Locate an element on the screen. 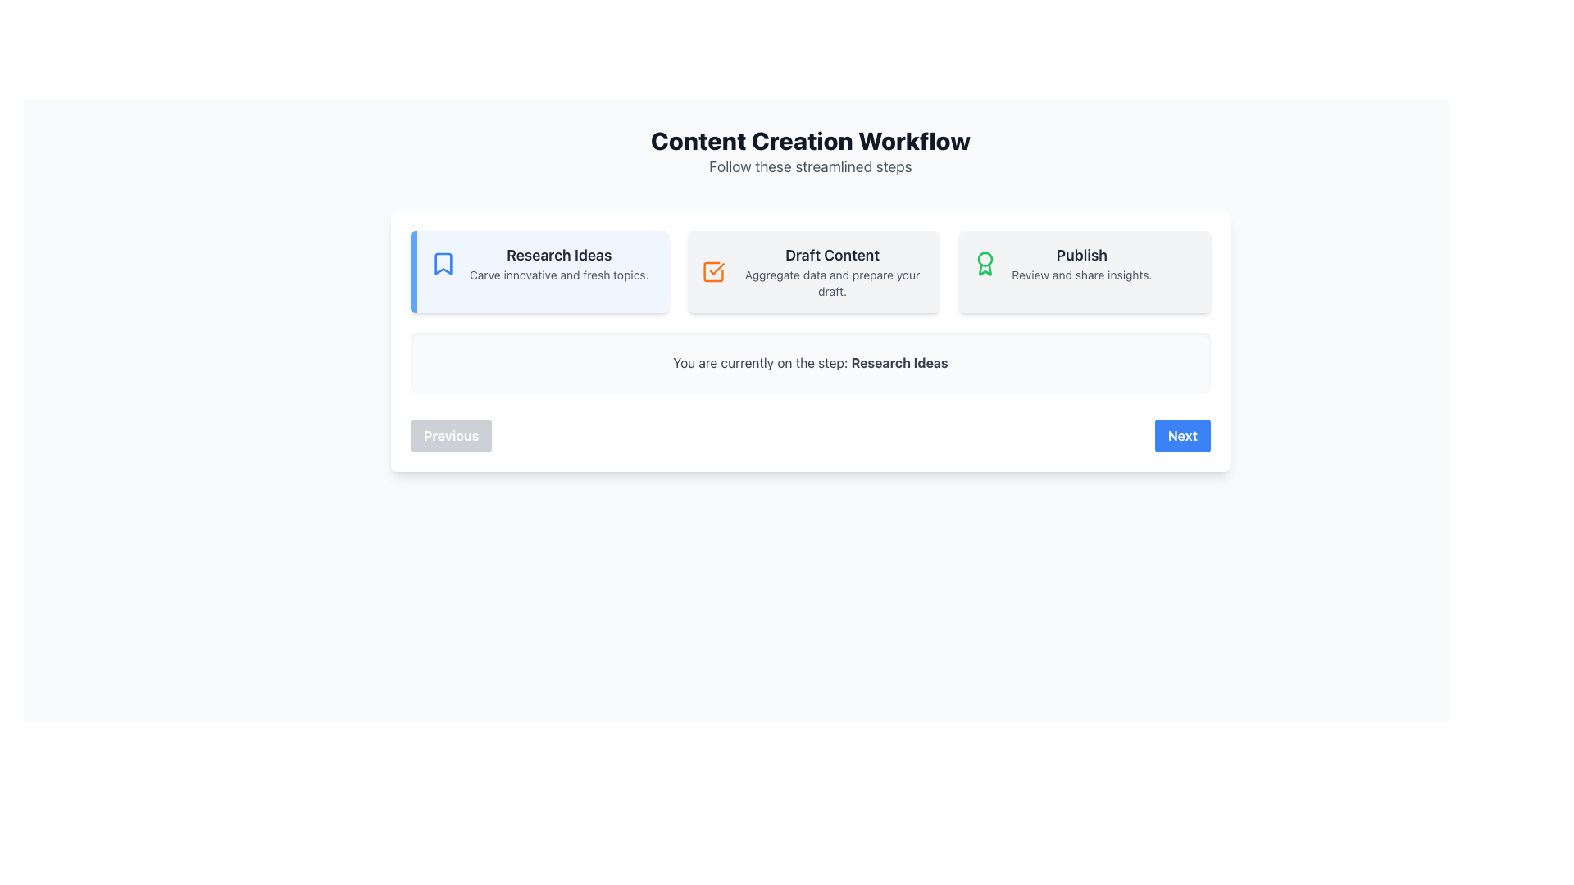 The width and height of the screenshot is (1574, 885). the informational text that provides additional descriptive information about the 'Publish' step in the content creation workflow, located centrally below the 'Publish' heading and a green ribbon icon is located at coordinates (1082, 274).